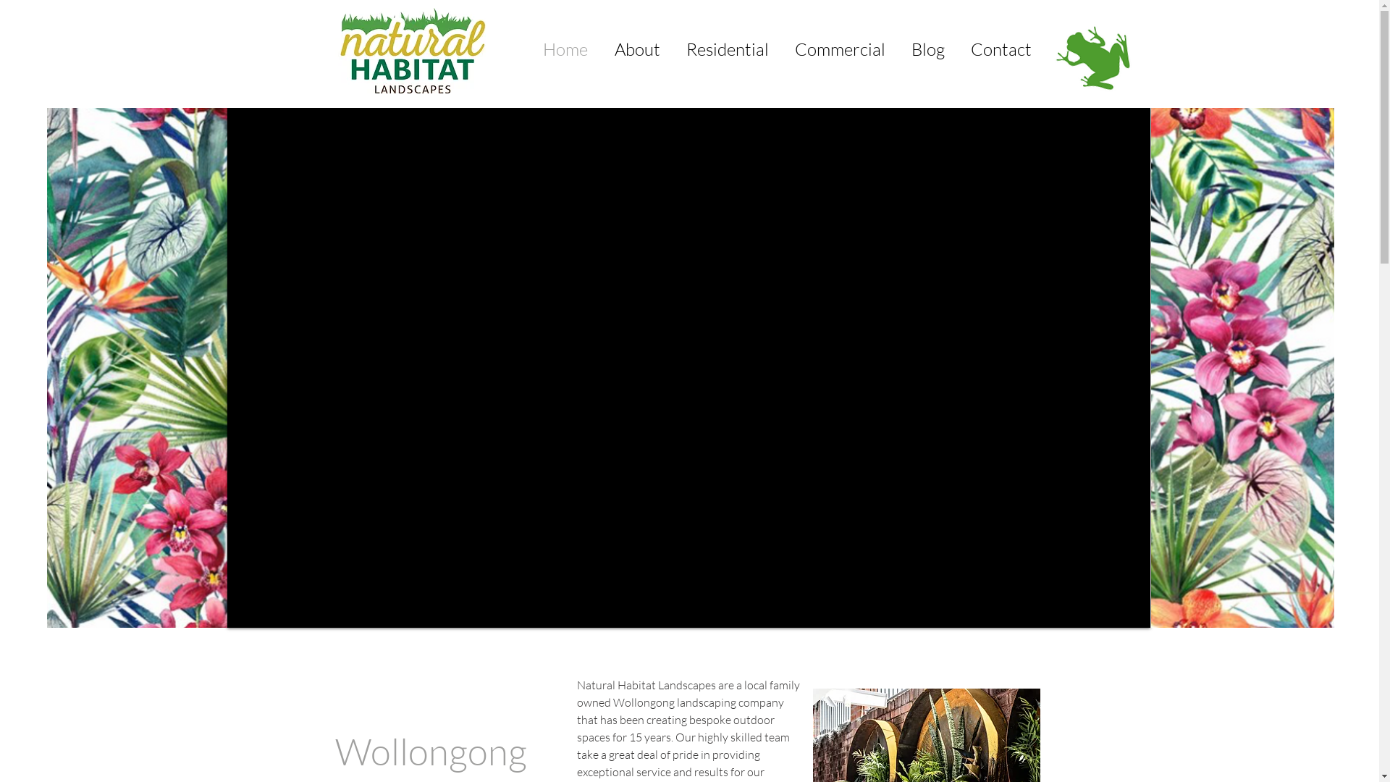  What do you see at coordinates (927, 49) in the screenshot?
I see `'Blog'` at bounding box center [927, 49].